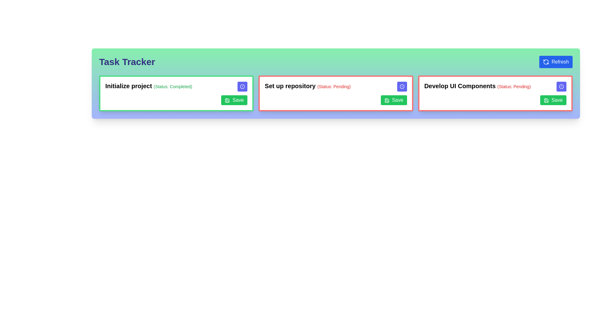  Describe the element at coordinates (477, 87) in the screenshot. I see `the status of the label displaying 'Develop UI Components (Status: Pending)' which is styled with bold text and a smaller red font for the status` at that location.